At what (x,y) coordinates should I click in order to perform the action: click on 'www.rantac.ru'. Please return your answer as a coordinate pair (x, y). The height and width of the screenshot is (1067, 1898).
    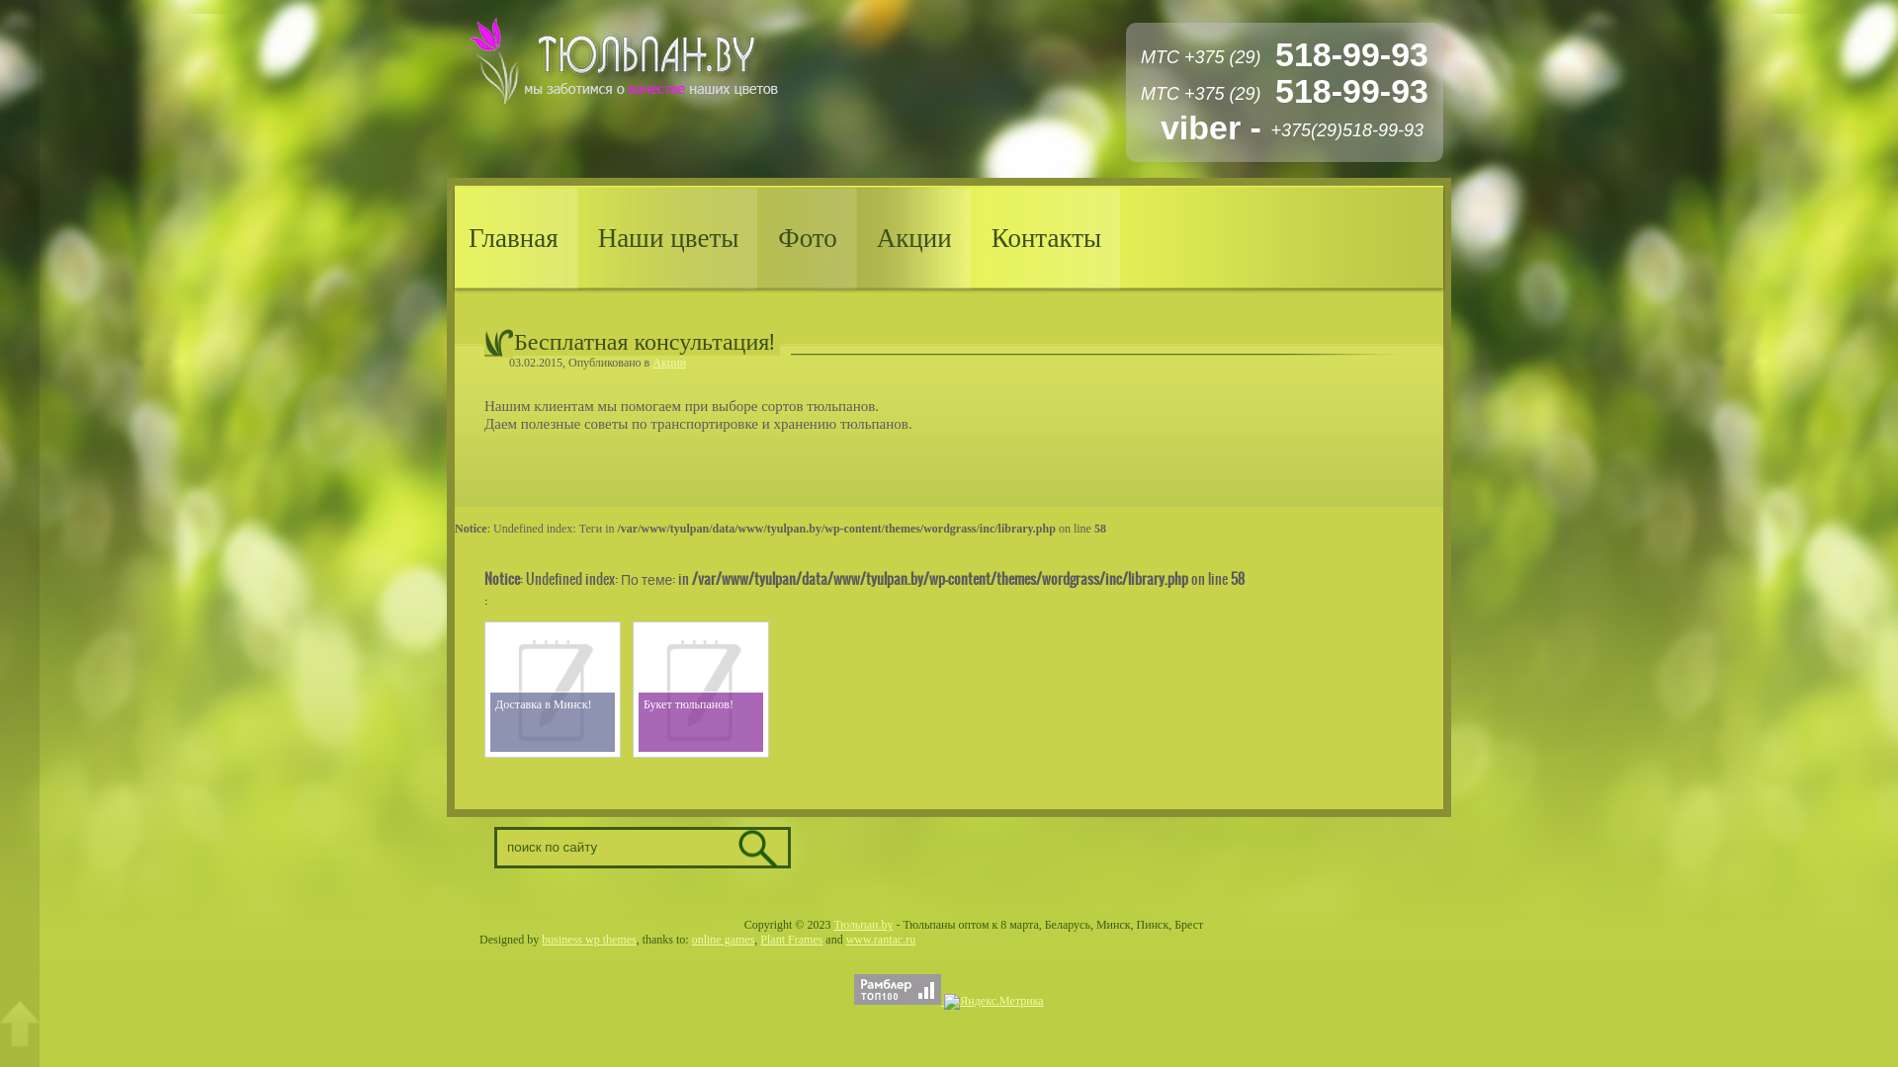
    Looking at the image, I should click on (845, 939).